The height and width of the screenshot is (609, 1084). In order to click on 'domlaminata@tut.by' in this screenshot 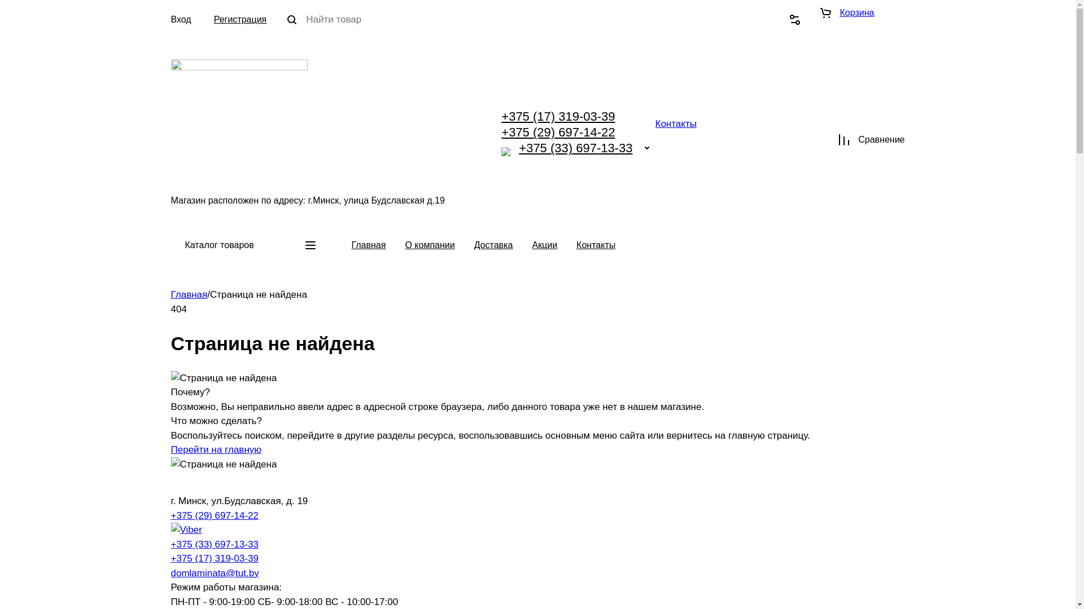, I will do `click(214, 573)`.